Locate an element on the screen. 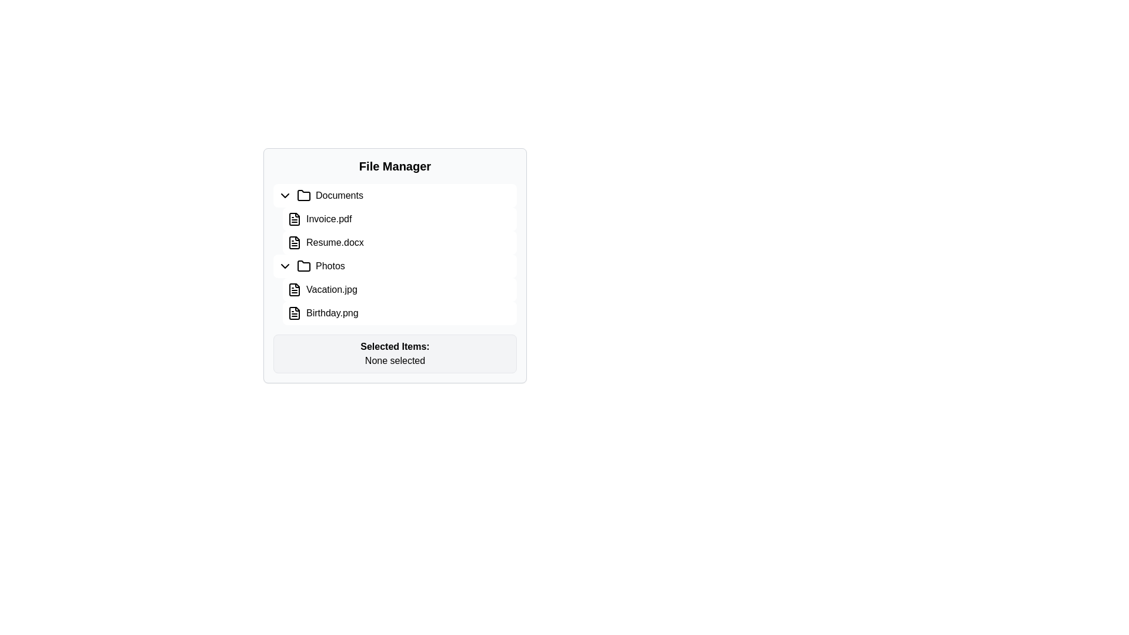 Image resolution: width=1129 pixels, height=635 pixels. the selectable list item labeled 'Birthday.png' located under the 'Photos' folder is located at coordinates (400, 312).